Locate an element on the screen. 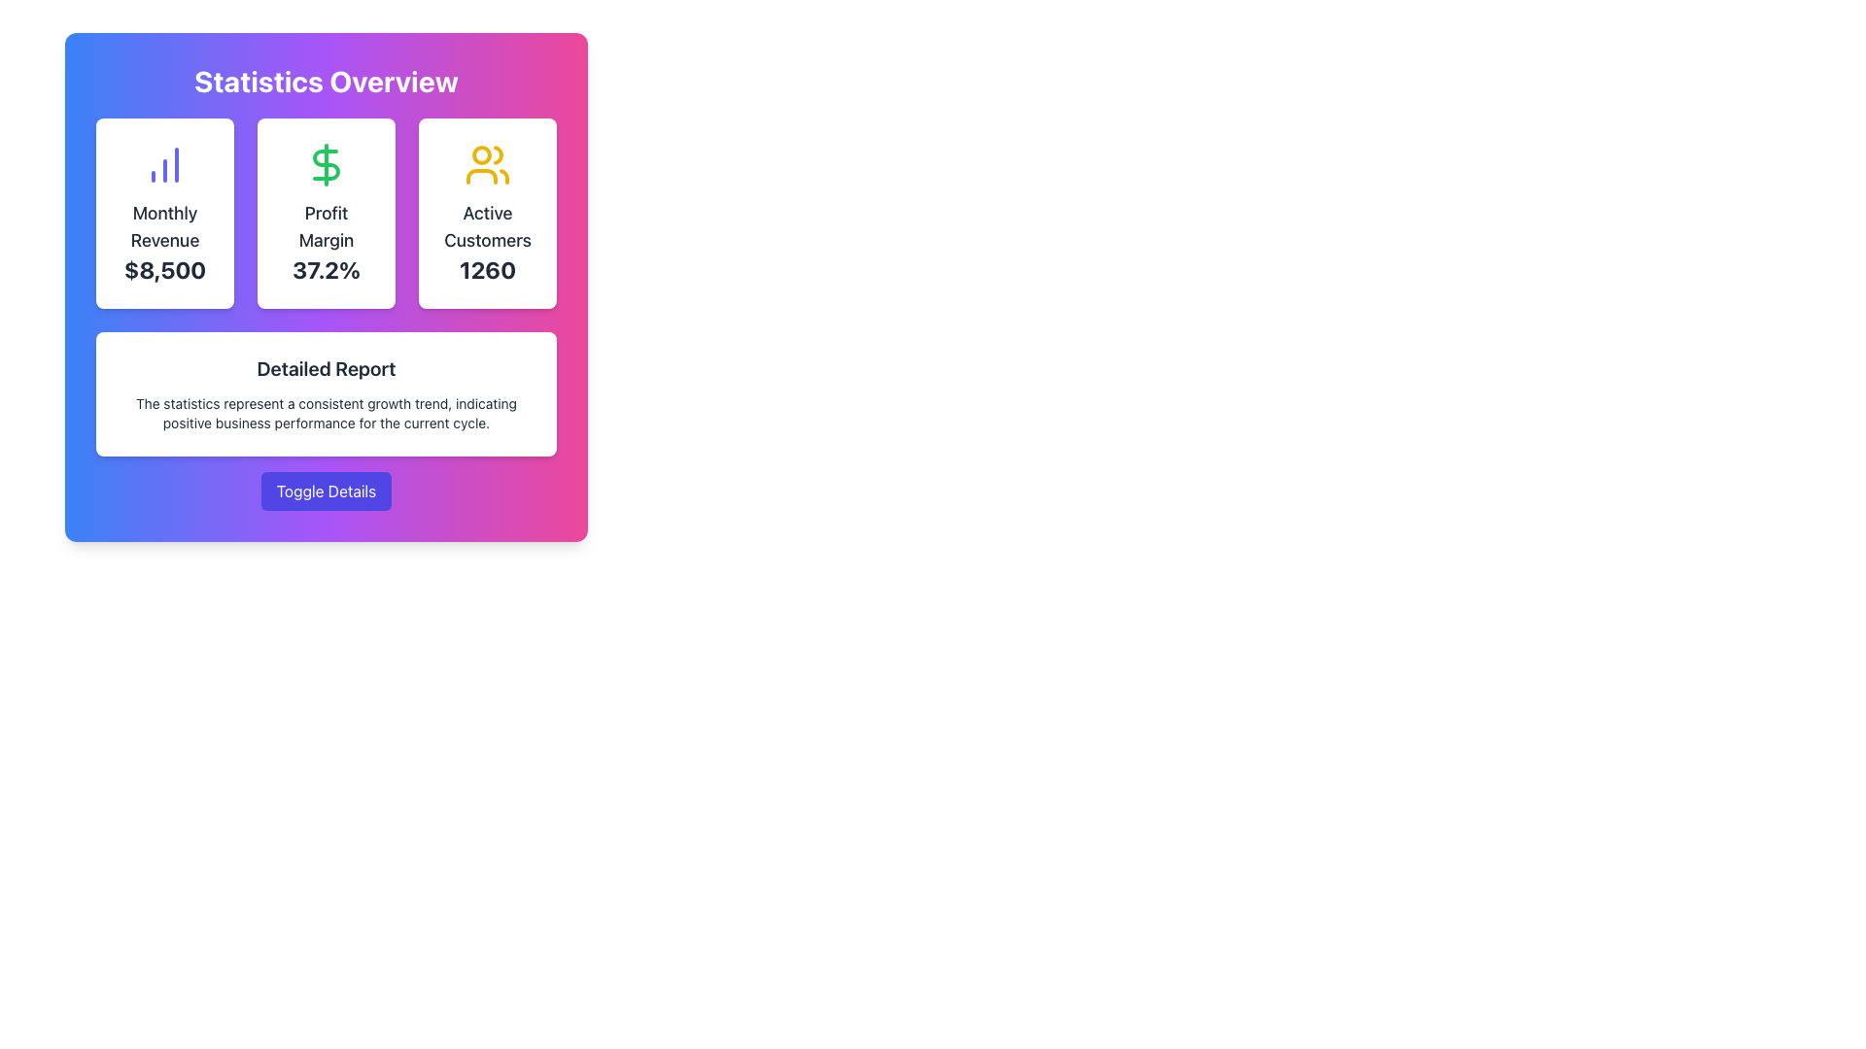 Image resolution: width=1866 pixels, height=1049 pixels. the decorative vector graphic component that signifies 'Active Customers' located at the top right of the SVG graphic in the 'Statistics Overview' card is located at coordinates (499, 154).